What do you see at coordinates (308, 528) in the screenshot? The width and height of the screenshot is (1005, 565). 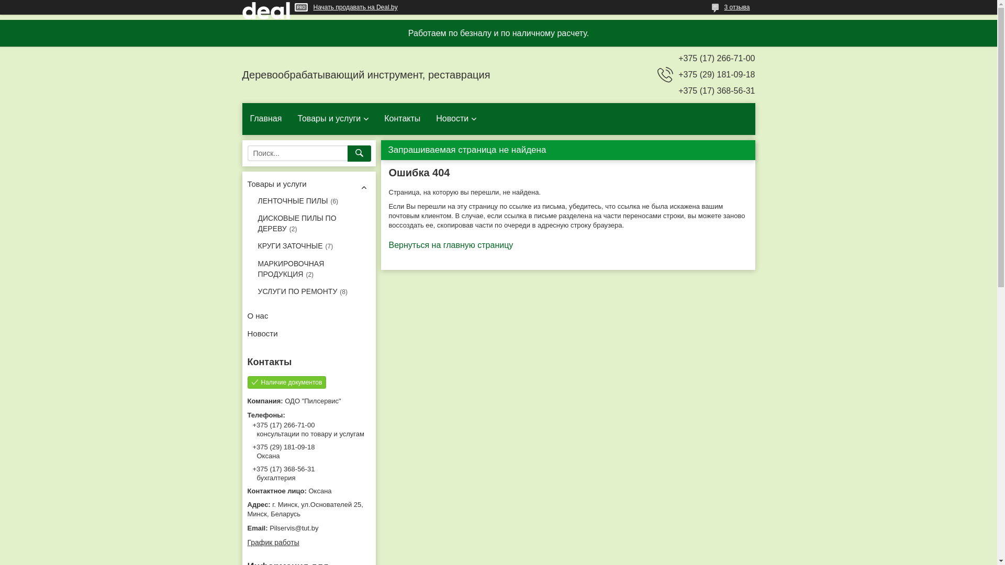 I see `'Pilservis@tut.by'` at bounding box center [308, 528].